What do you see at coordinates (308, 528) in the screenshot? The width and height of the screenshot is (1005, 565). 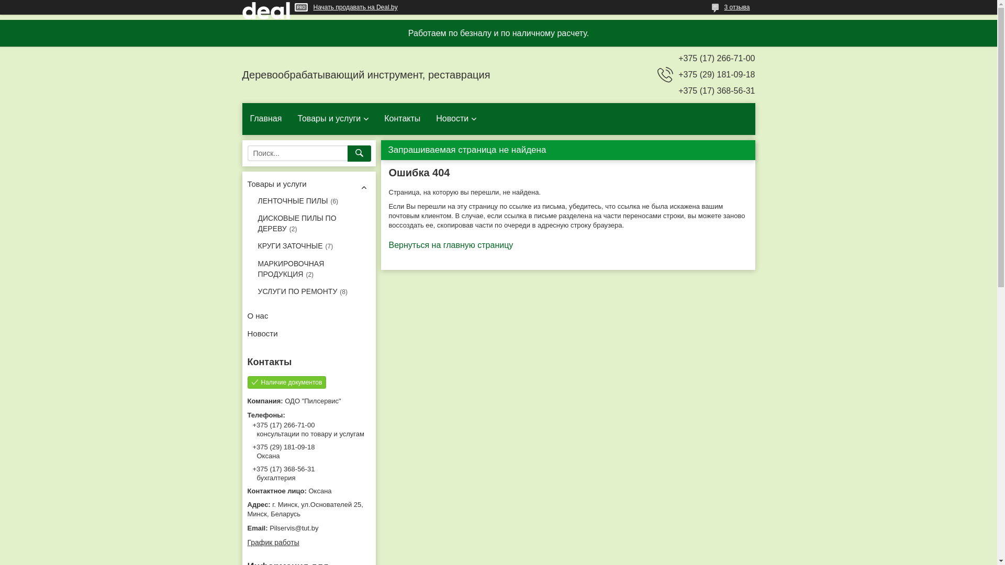 I see `'Pilservis@tut.by'` at bounding box center [308, 528].